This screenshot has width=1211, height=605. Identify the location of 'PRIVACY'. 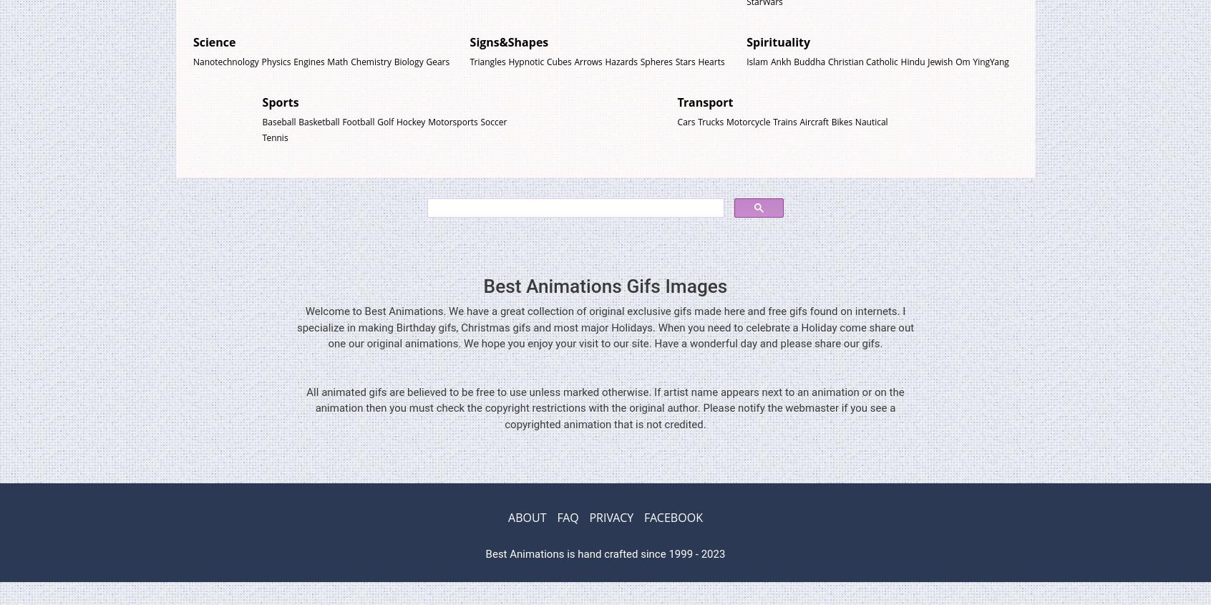
(610, 516).